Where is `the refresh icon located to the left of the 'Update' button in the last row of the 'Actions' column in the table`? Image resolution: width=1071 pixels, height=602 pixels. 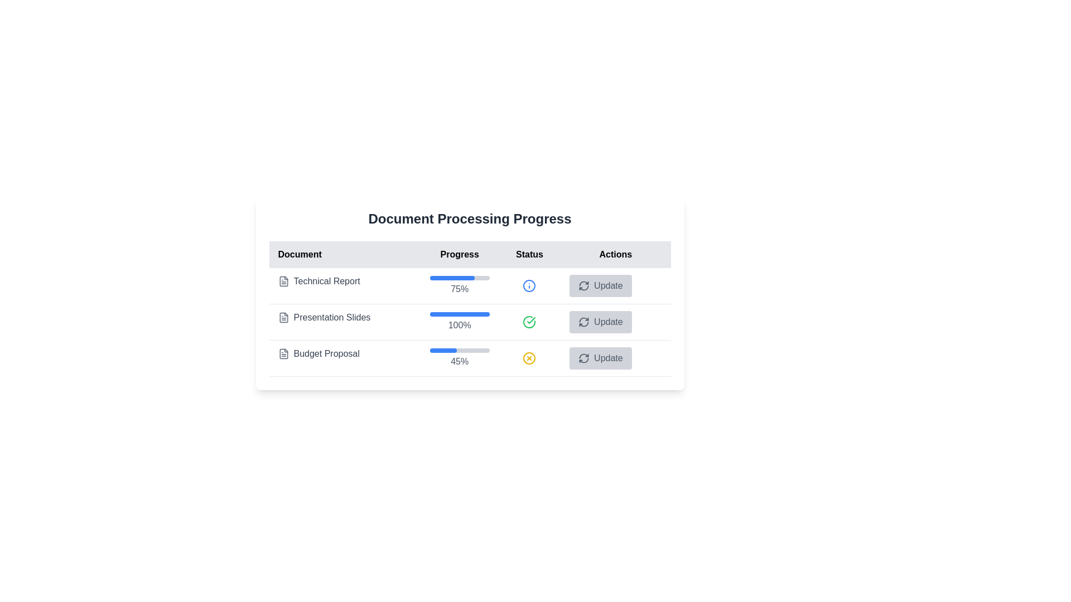 the refresh icon located to the left of the 'Update' button in the last row of the 'Actions' column in the table is located at coordinates (583, 358).